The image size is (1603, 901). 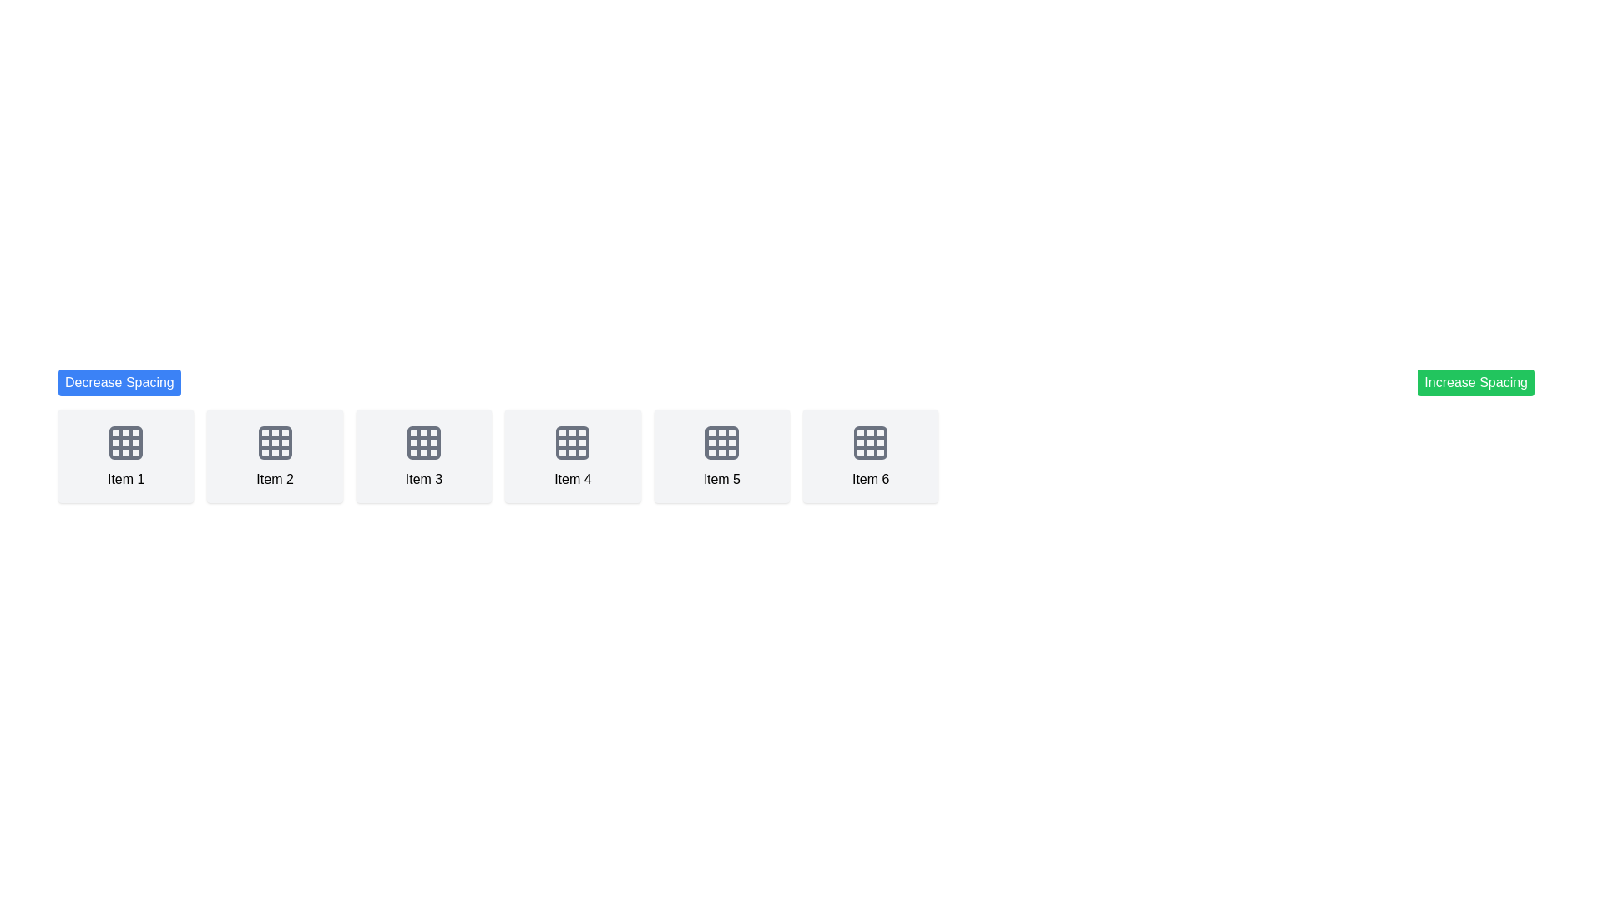 What do you see at coordinates (275, 442) in the screenshot?
I see `the central rounded square of the icon representing 'Item 2'` at bounding box center [275, 442].